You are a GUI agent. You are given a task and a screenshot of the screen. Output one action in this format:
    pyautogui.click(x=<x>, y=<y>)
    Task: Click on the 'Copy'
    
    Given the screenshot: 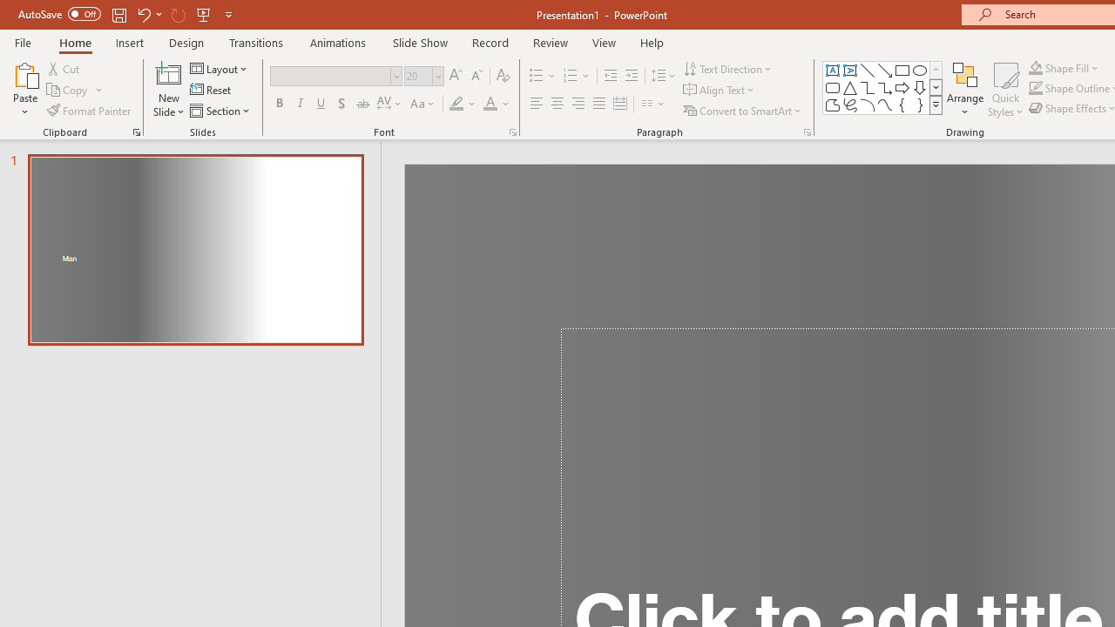 What is the action you would take?
    pyautogui.click(x=74, y=90)
    